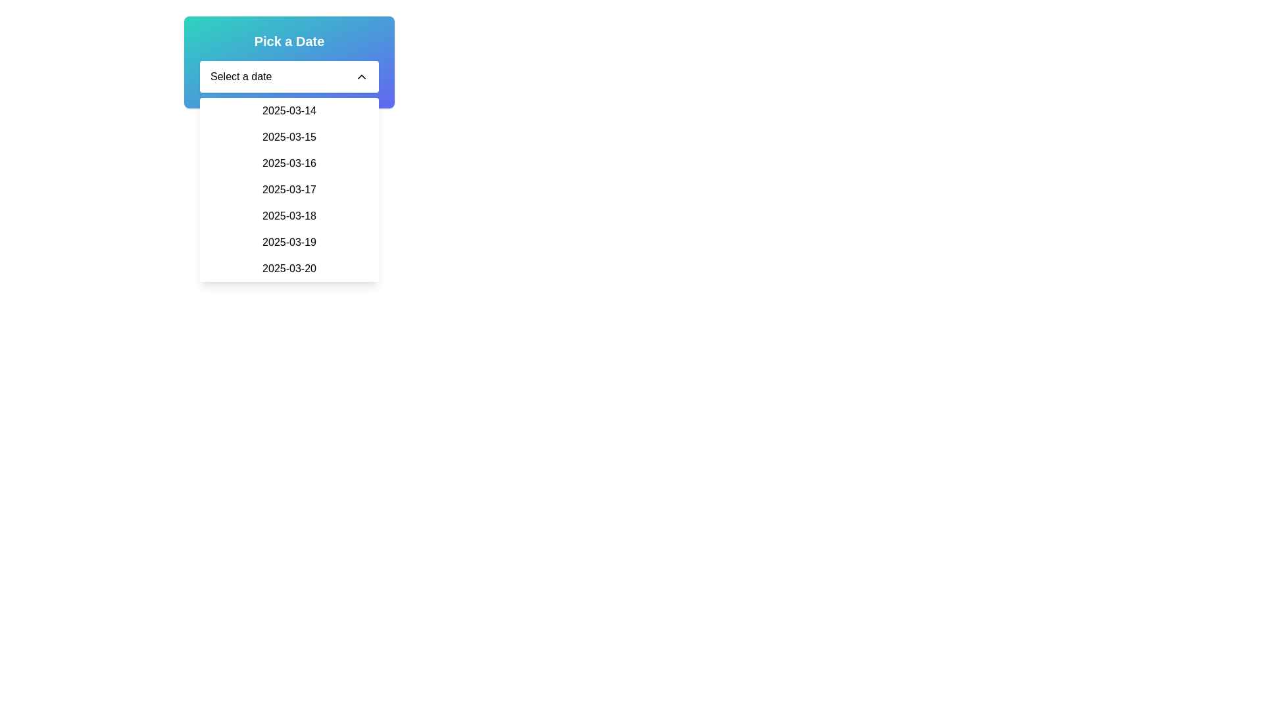  What do you see at coordinates (289, 190) in the screenshot?
I see `the fourth date option in the dropdown menu titled 'Pick a Date'` at bounding box center [289, 190].